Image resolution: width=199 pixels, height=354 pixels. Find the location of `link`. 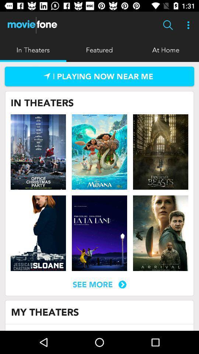

link is located at coordinates (99, 76).